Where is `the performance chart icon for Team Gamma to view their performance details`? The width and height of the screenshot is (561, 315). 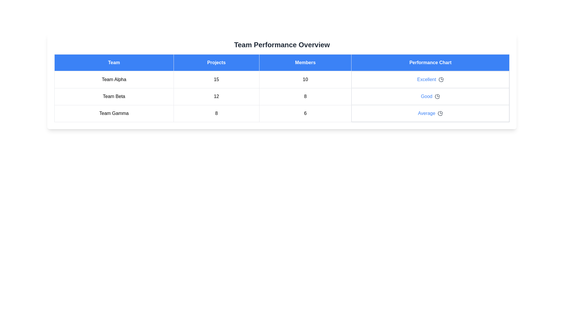 the performance chart icon for Team Gamma to view their performance details is located at coordinates (440, 113).